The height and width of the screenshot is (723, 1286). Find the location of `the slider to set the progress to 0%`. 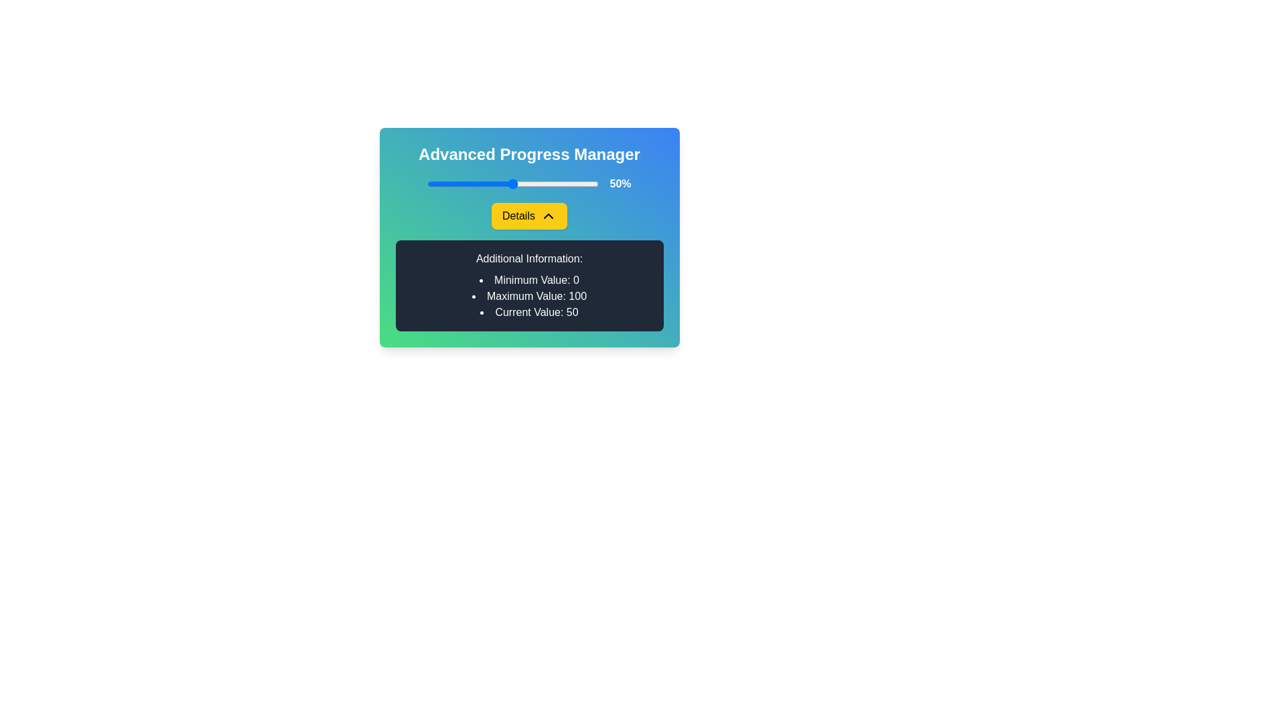

the slider to set the progress to 0% is located at coordinates (427, 183).